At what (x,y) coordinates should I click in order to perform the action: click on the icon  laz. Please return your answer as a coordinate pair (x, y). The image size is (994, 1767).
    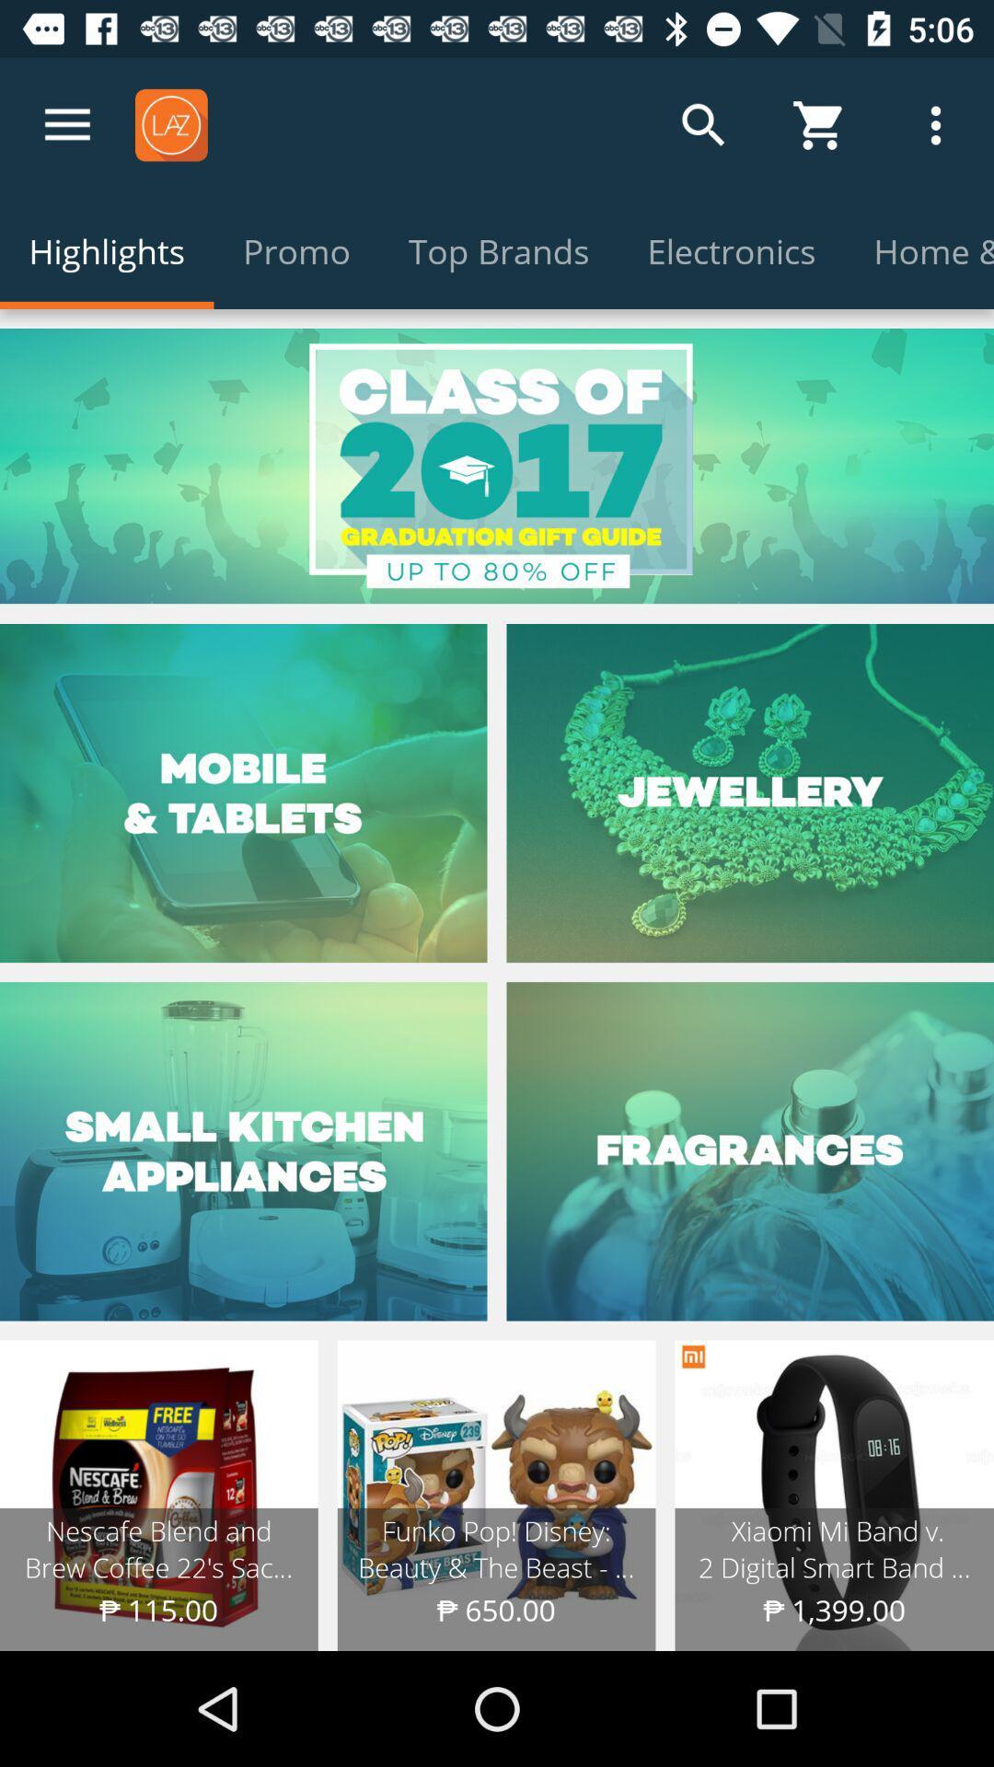
    Looking at the image, I should click on (171, 124).